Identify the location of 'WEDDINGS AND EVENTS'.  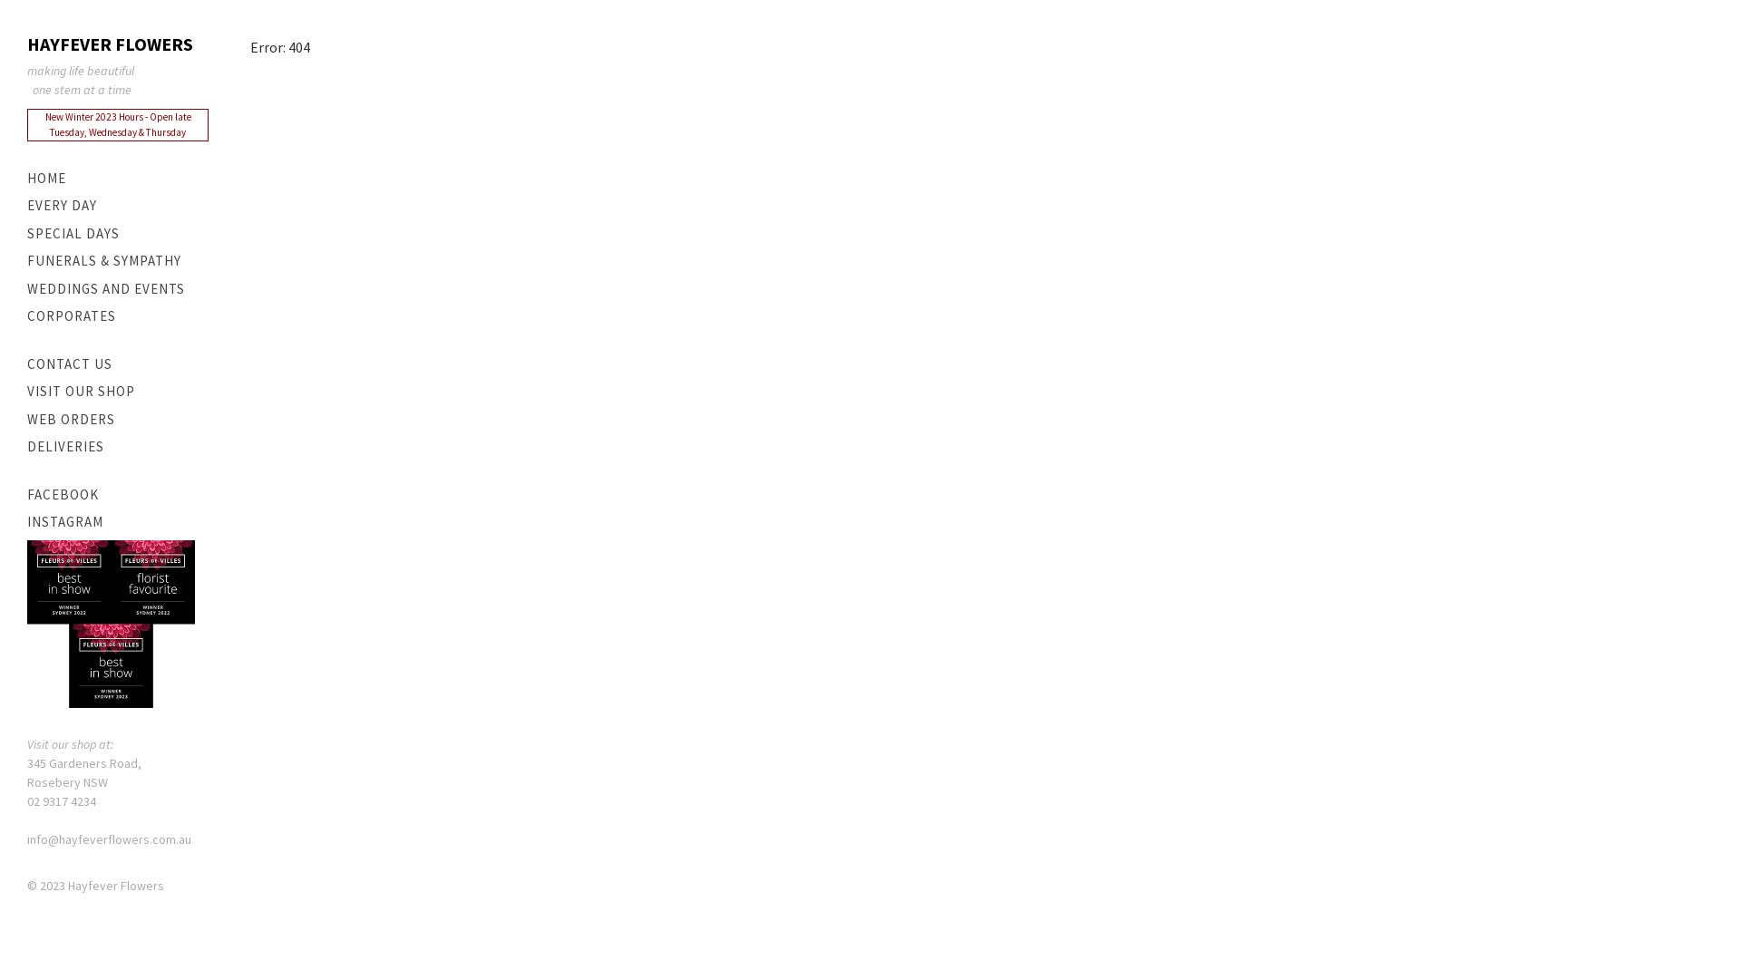
(116, 288).